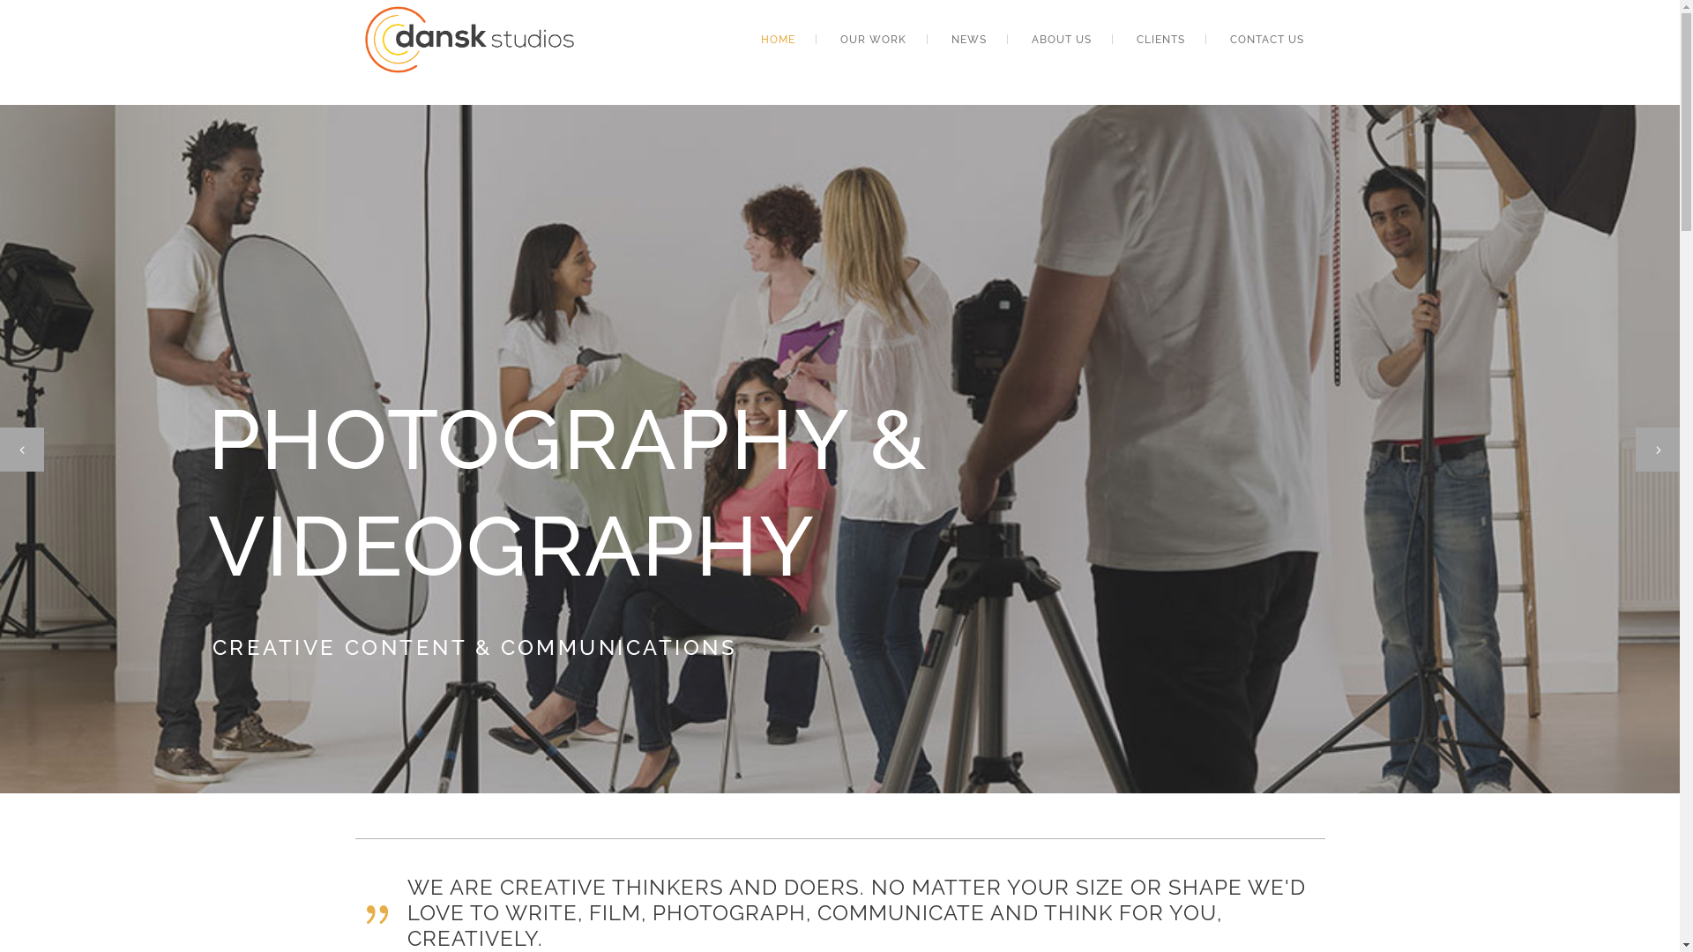 This screenshot has width=1693, height=952. I want to click on 'CONTACT US', so click(1264, 40).